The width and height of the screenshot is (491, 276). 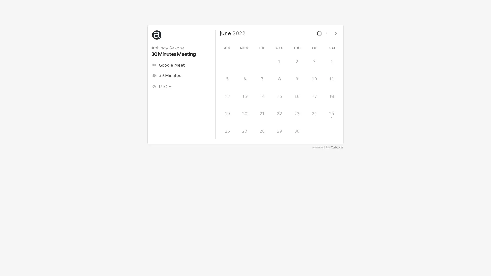 What do you see at coordinates (244, 131) in the screenshot?
I see `27` at bounding box center [244, 131].